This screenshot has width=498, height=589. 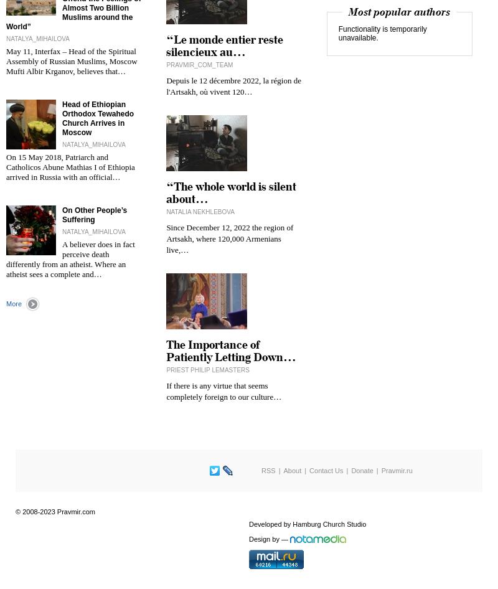 What do you see at coordinates (165, 64) in the screenshot?
I see `'pravmir_com_team'` at bounding box center [165, 64].